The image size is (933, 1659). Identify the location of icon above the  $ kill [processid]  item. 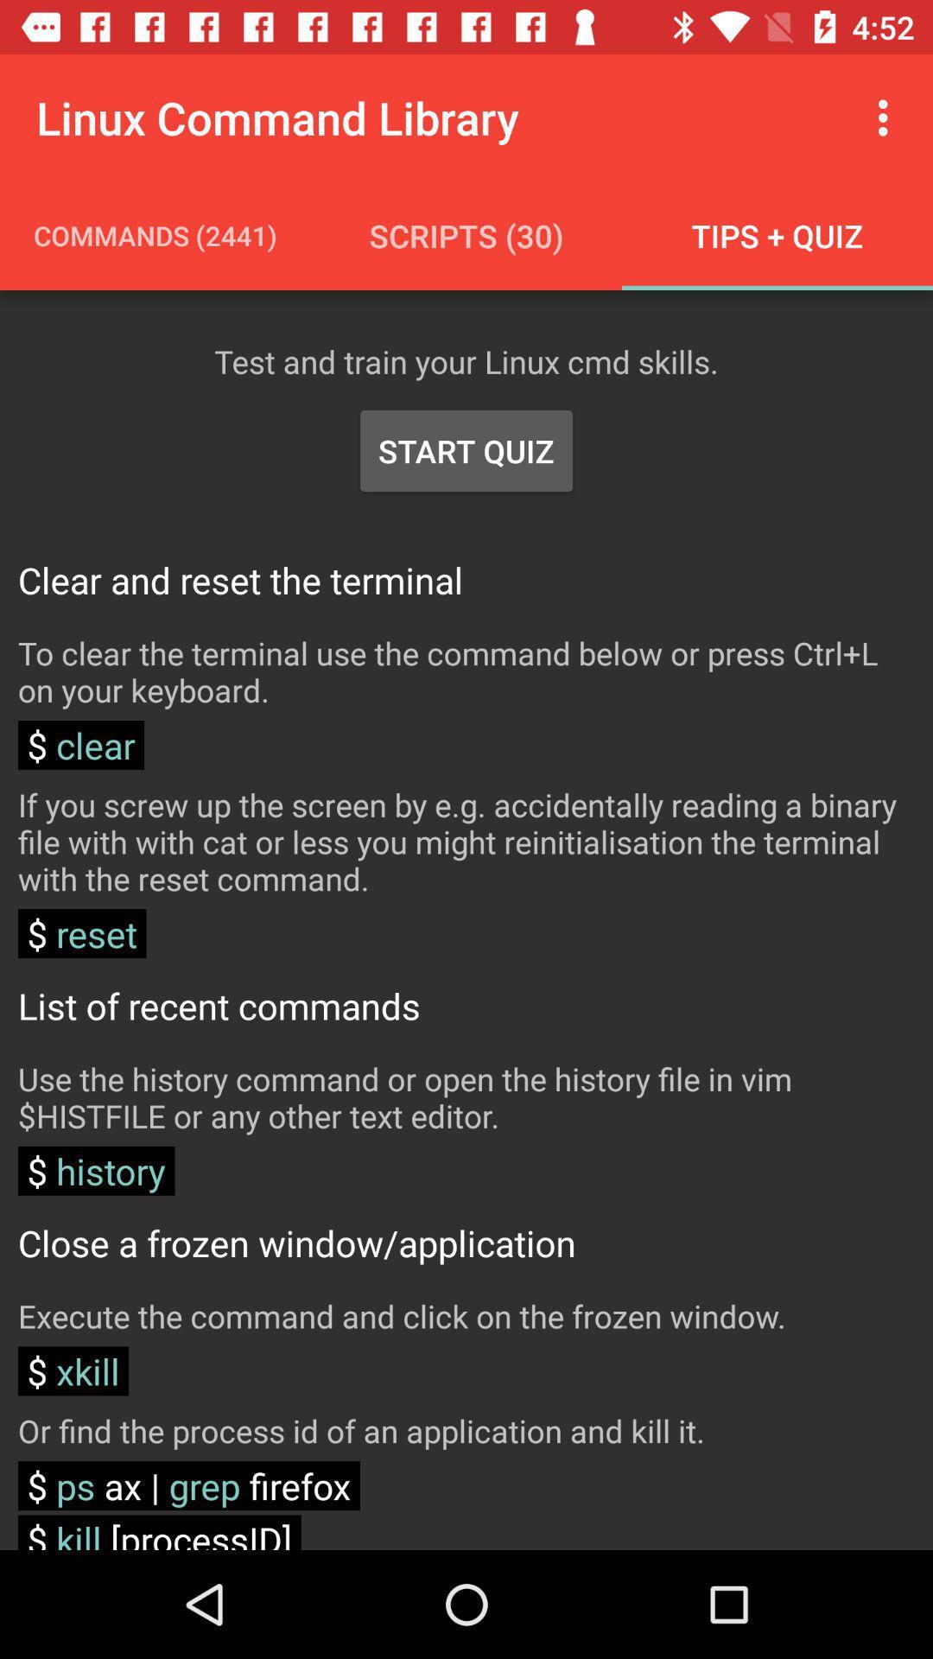
(189, 1484).